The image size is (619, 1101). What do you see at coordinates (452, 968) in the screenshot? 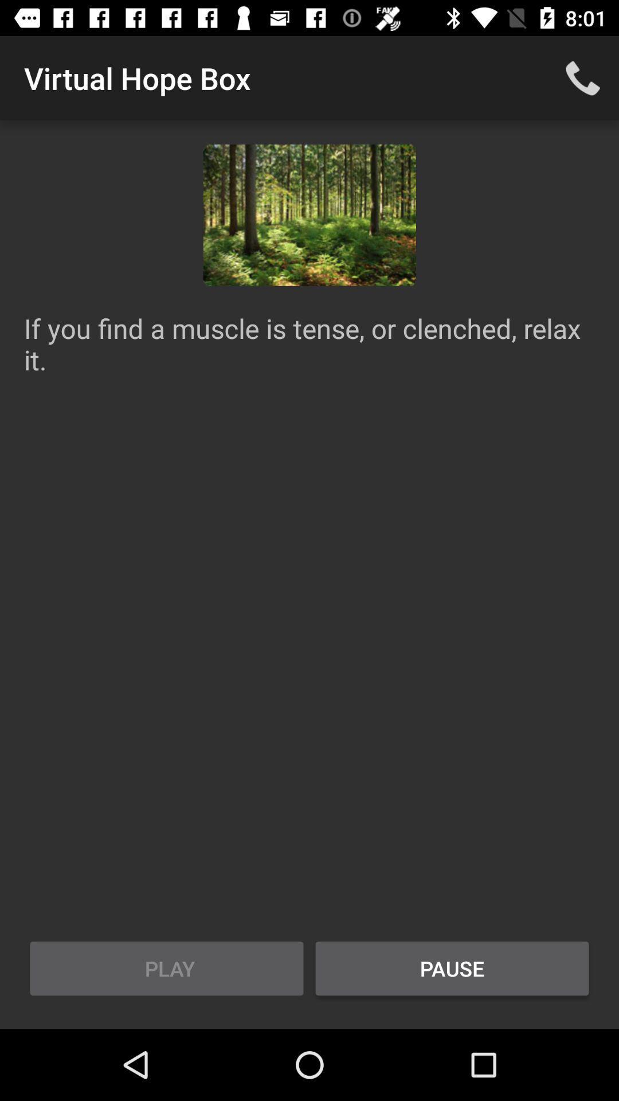
I see `icon below the if you find` at bounding box center [452, 968].